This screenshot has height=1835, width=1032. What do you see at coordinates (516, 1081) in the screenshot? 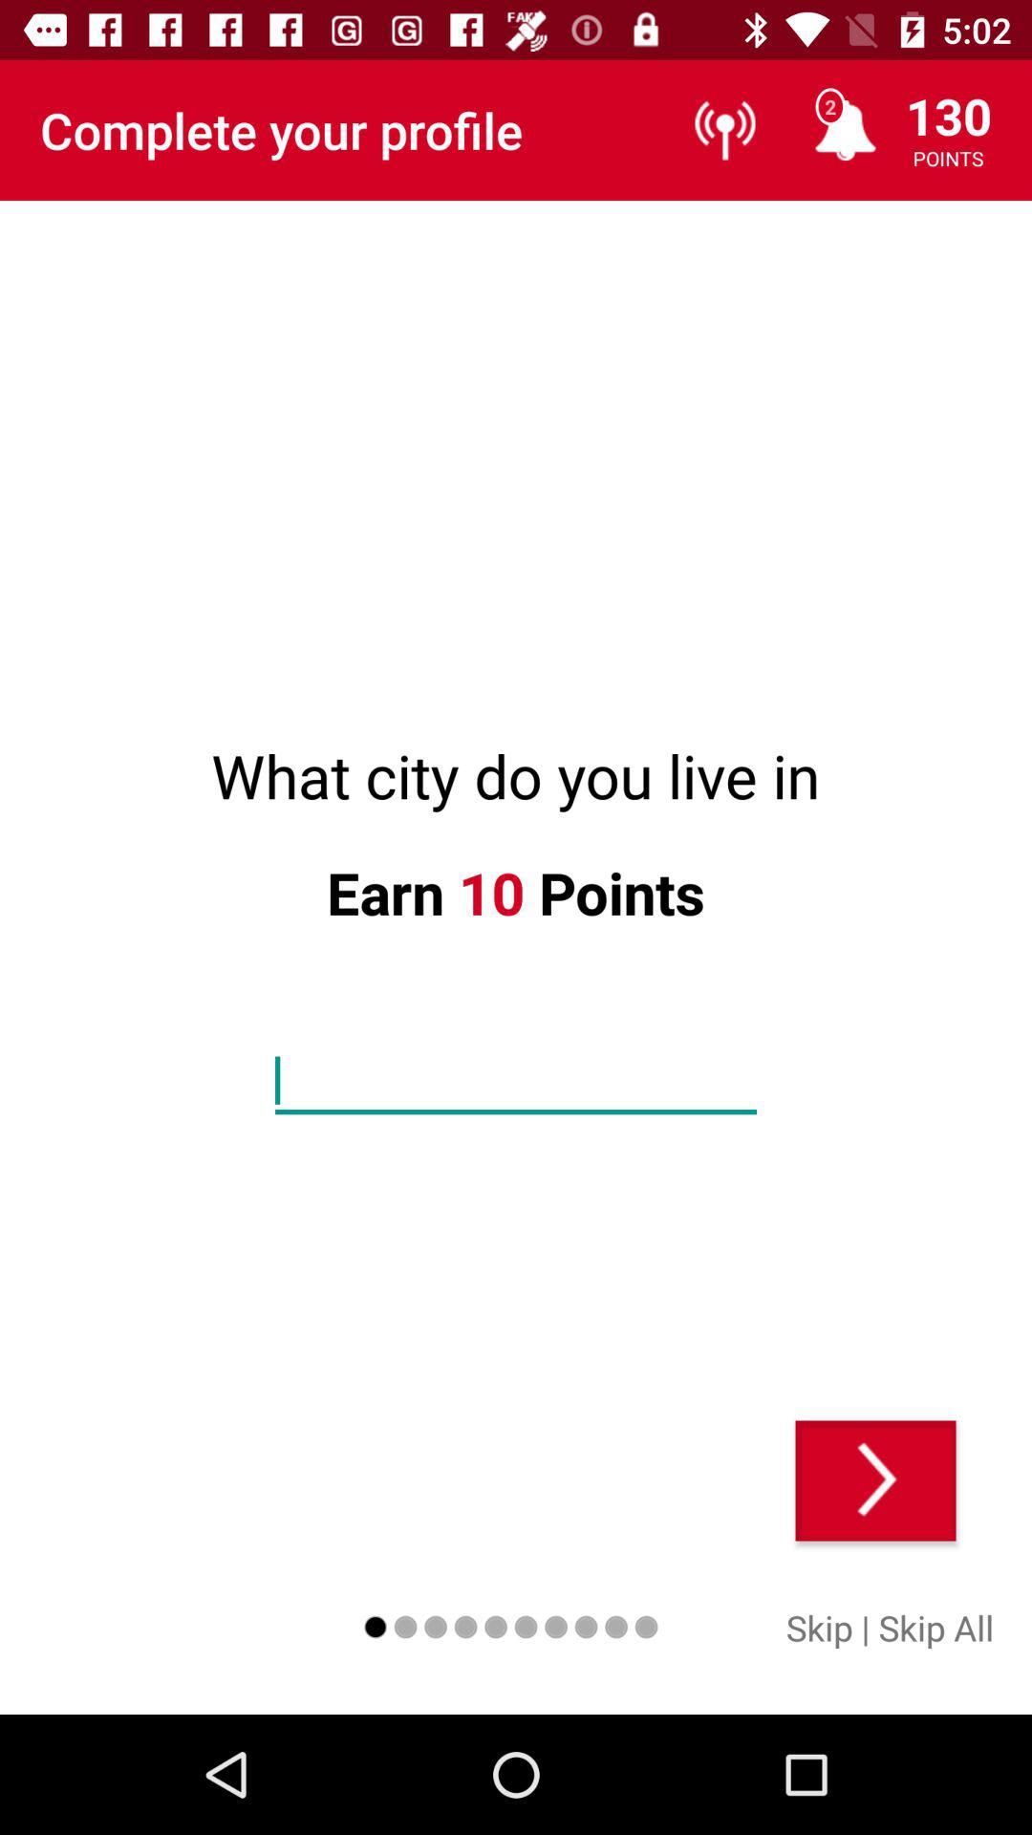
I see `the icon below earn  item` at bounding box center [516, 1081].